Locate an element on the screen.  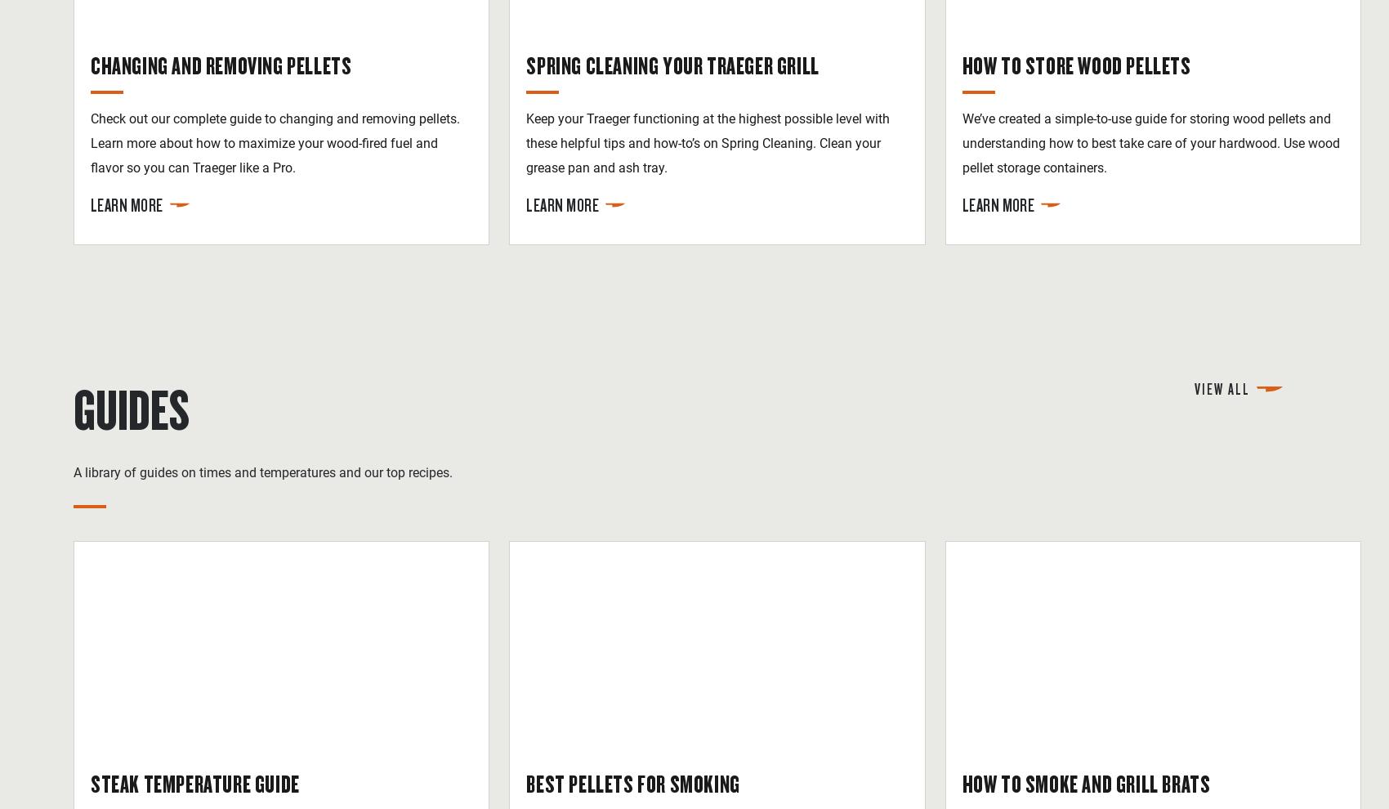
'How to Smoke and Grill Brats' is located at coordinates (1086, 783).